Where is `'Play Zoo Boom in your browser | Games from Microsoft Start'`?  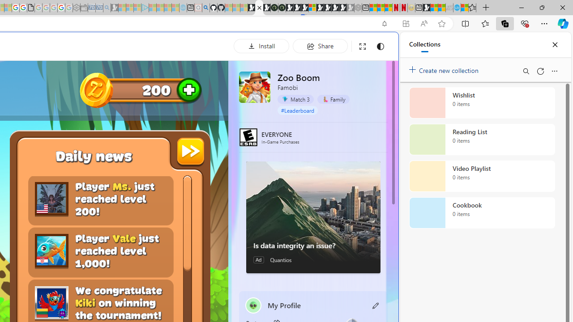
'Play Zoo Boom in your browser | Games from Microsoft Start' is located at coordinates (259, 8).